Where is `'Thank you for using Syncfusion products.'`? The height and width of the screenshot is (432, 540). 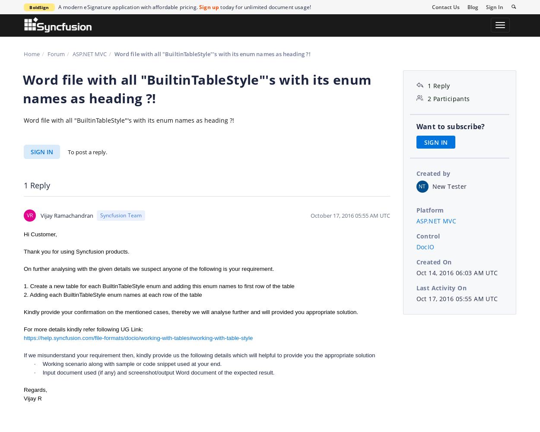
'Thank you for using Syncfusion products.' is located at coordinates (76, 251).